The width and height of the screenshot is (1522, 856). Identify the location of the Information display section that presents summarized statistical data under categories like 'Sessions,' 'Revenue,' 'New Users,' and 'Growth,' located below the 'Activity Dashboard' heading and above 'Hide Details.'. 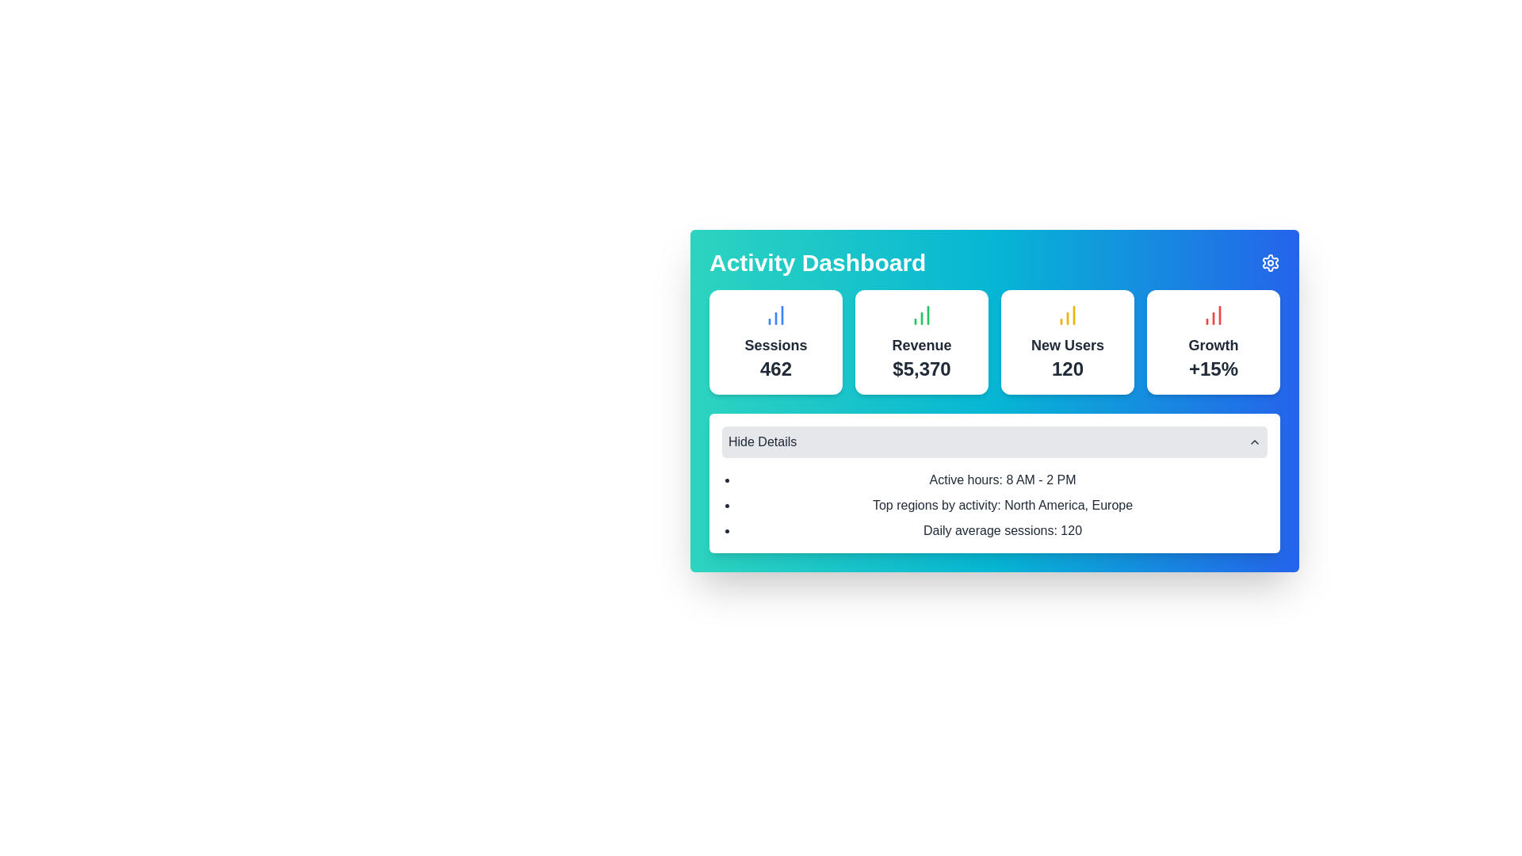
(993, 421).